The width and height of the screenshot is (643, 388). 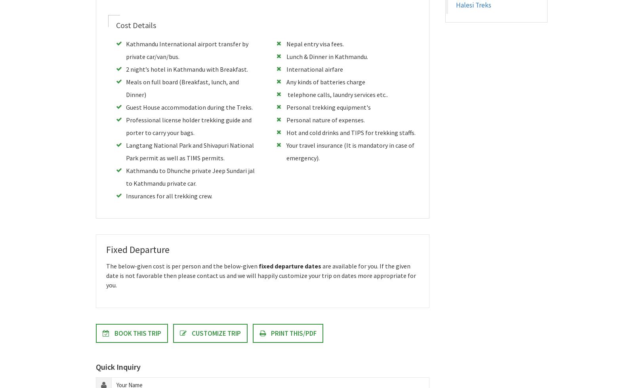 What do you see at coordinates (473, 5) in the screenshot?
I see `'Halesi Treks'` at bounding box center [473, 5].